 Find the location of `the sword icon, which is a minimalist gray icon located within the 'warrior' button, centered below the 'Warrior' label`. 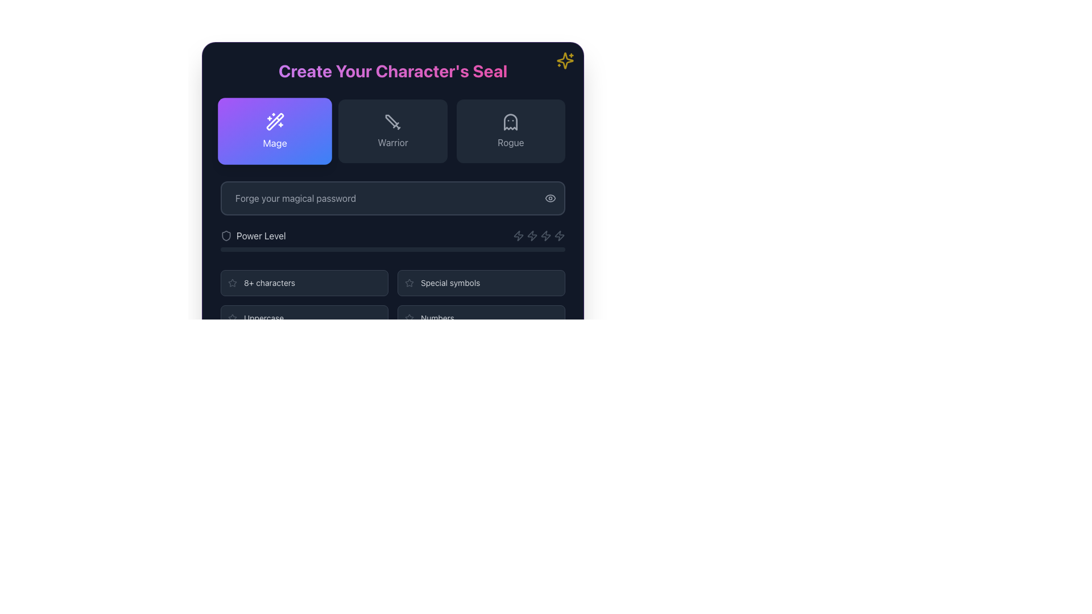

the sword icon, which is a minimalist gray icon located within the 'warrior' button, centered below the 'Warrior' label is located at coordinates (393, 122).